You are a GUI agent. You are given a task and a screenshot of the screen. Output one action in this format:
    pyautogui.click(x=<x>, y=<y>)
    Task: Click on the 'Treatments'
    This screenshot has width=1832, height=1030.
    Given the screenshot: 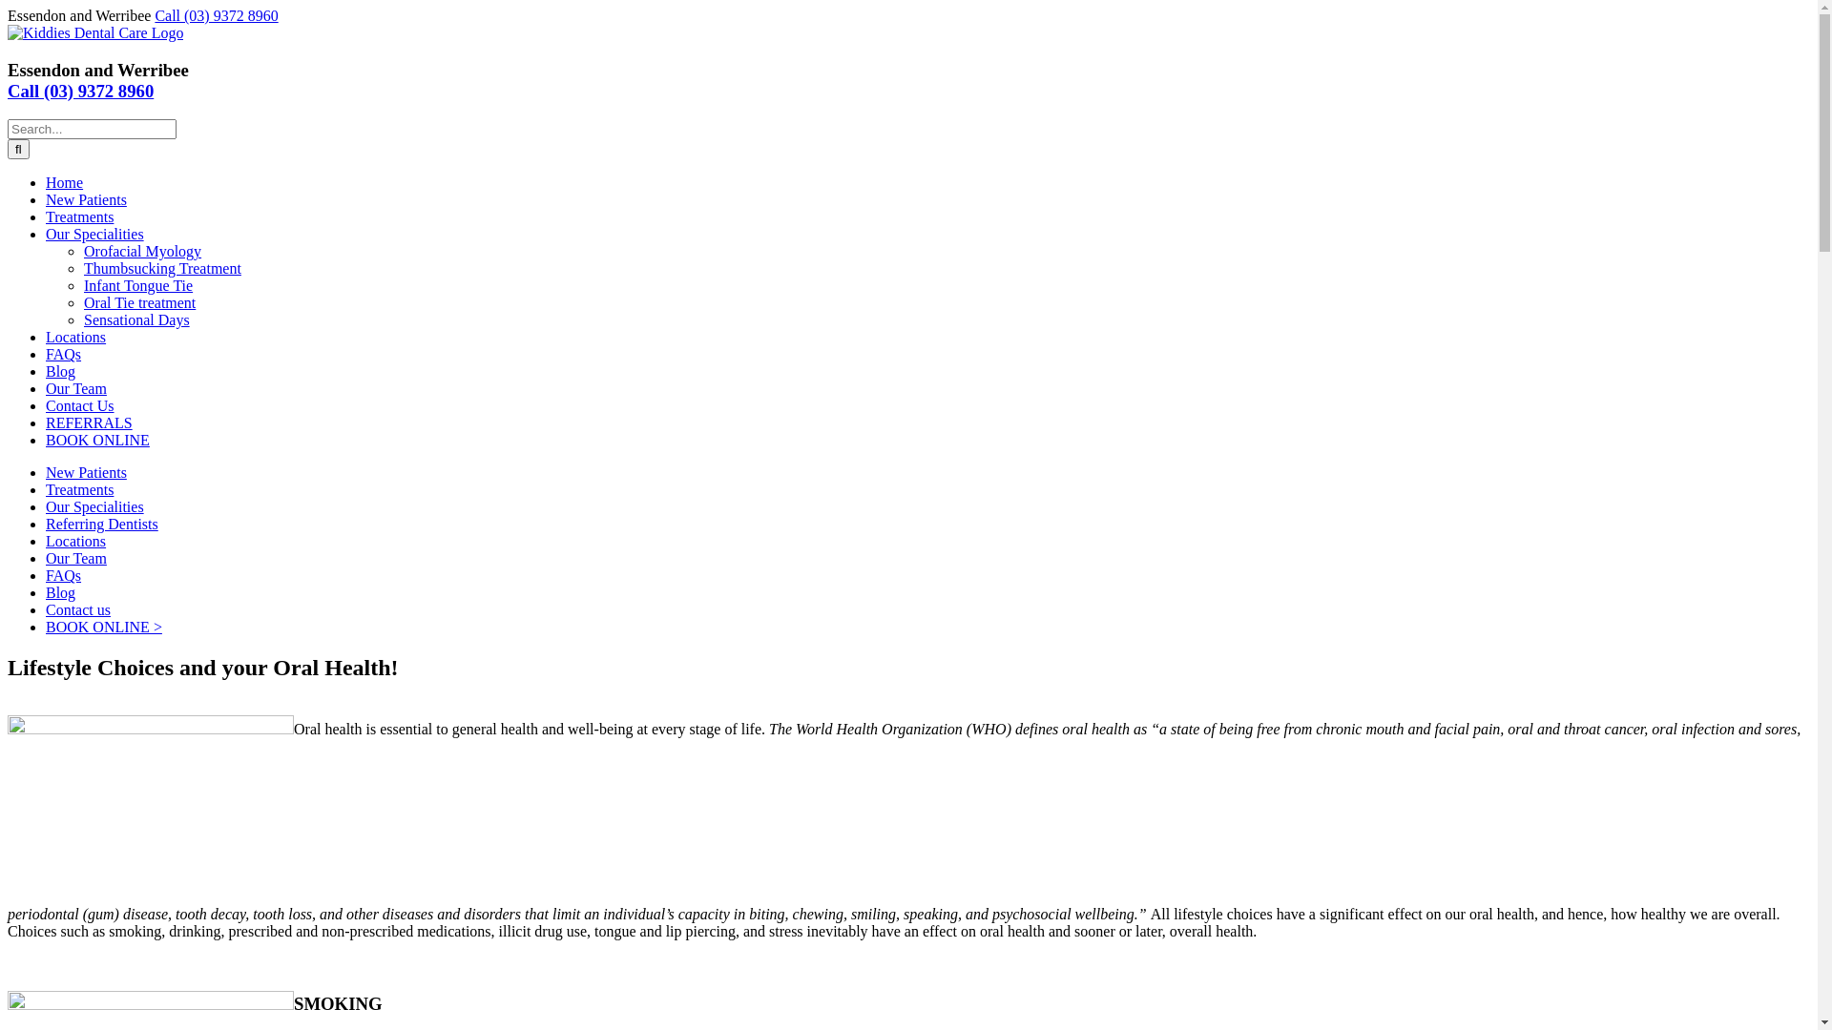 What is the action you would take?
    pyautogui.click(x=78, y=216)
    